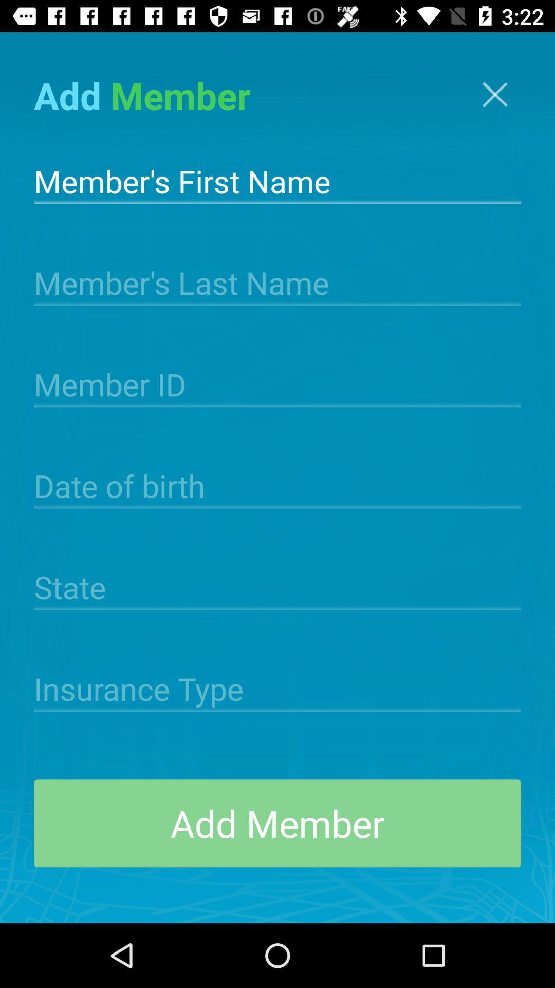 The height and width of the screenshot is (988, 555). What do you see at coordinates (494, 94) in the screenshot?
I see `the item next to the add member icon` at bounding box center [494, 94].